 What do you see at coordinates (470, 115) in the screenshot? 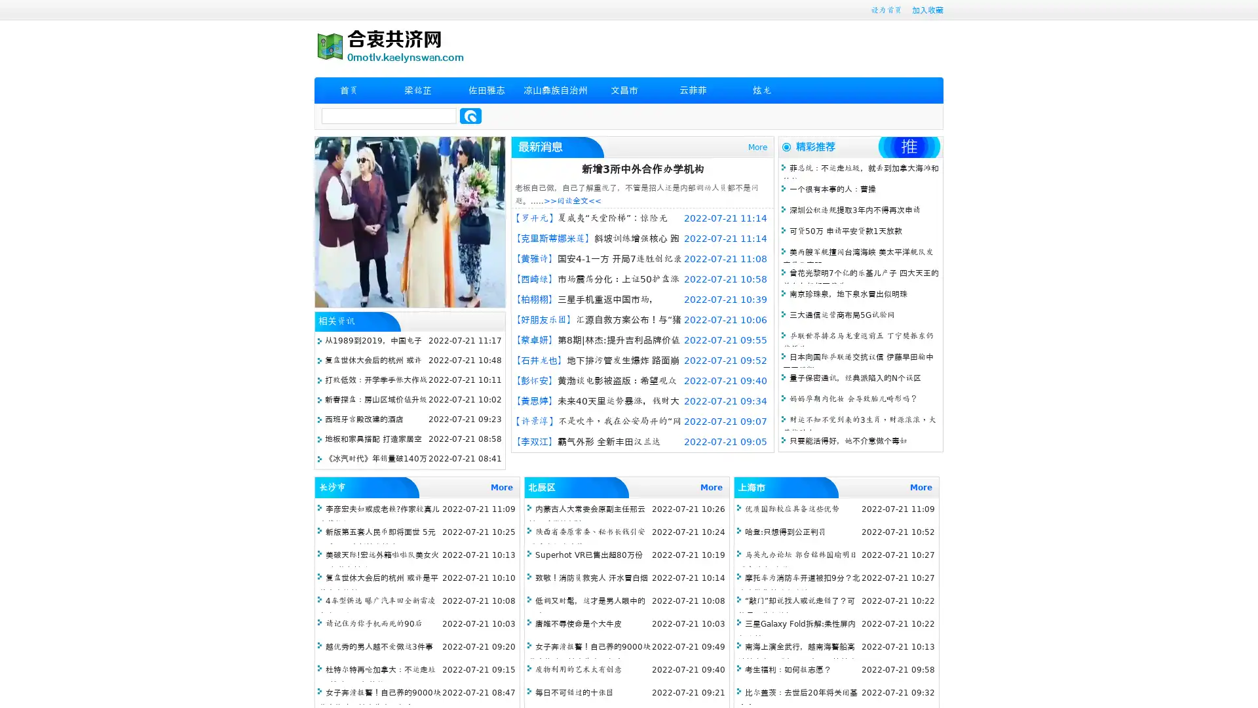
I see `Search` at bounding box center [470, 115].